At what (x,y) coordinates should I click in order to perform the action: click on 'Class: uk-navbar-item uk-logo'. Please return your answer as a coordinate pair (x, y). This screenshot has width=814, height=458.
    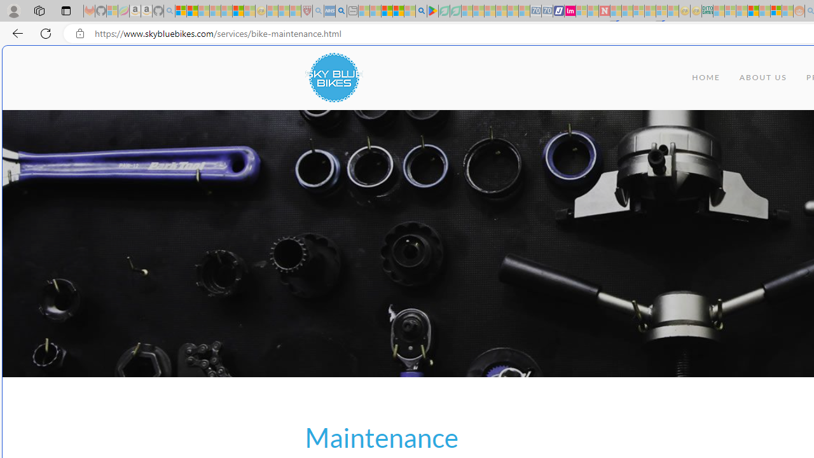
    Looking at the image, I should click on (333, 78).